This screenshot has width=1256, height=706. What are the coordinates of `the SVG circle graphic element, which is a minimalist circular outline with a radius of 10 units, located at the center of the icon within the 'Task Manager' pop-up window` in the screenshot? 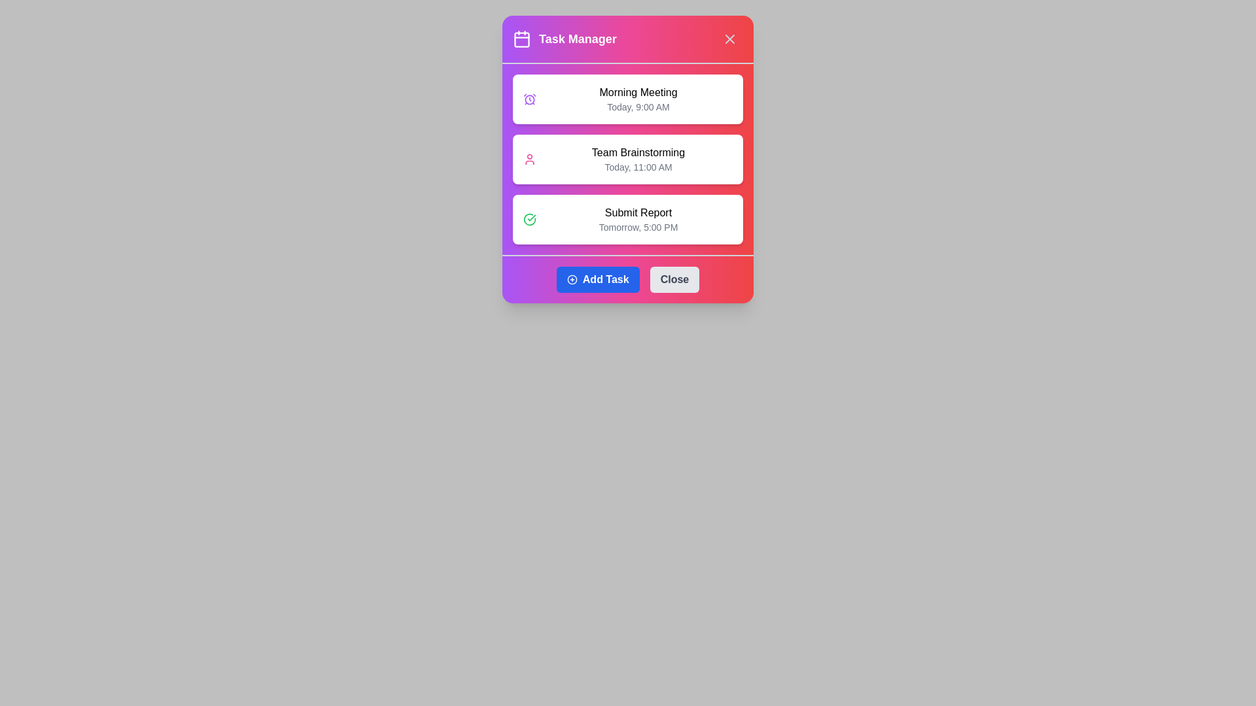 It's located at (572, 279).